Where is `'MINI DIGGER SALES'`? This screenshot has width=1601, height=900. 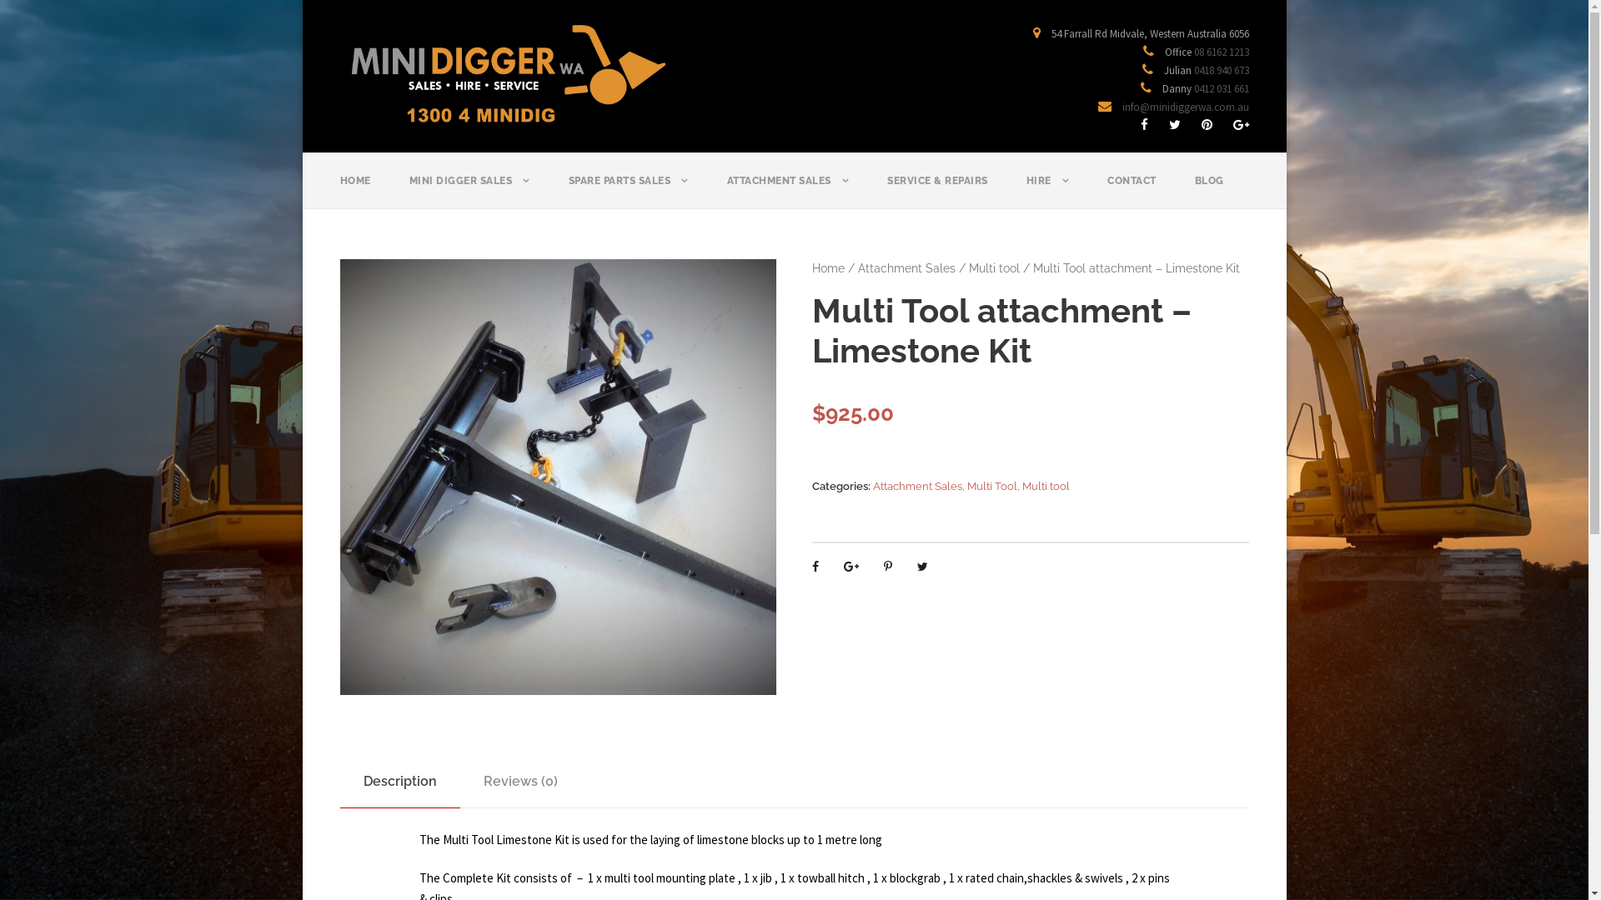 'MINI DIGGER SALES' is located at coordinates (468, 189).